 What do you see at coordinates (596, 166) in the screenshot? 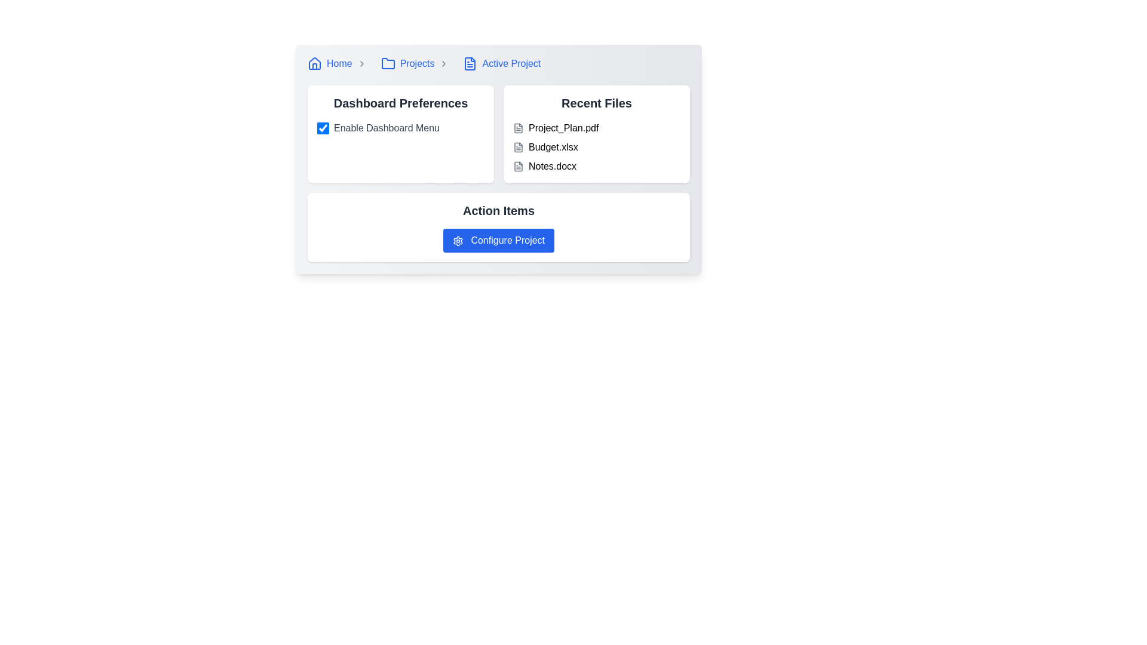
I see `the list item labeled 'Notes.docx' in the 'Recent Files' panel` at bounding box center [596, 166].